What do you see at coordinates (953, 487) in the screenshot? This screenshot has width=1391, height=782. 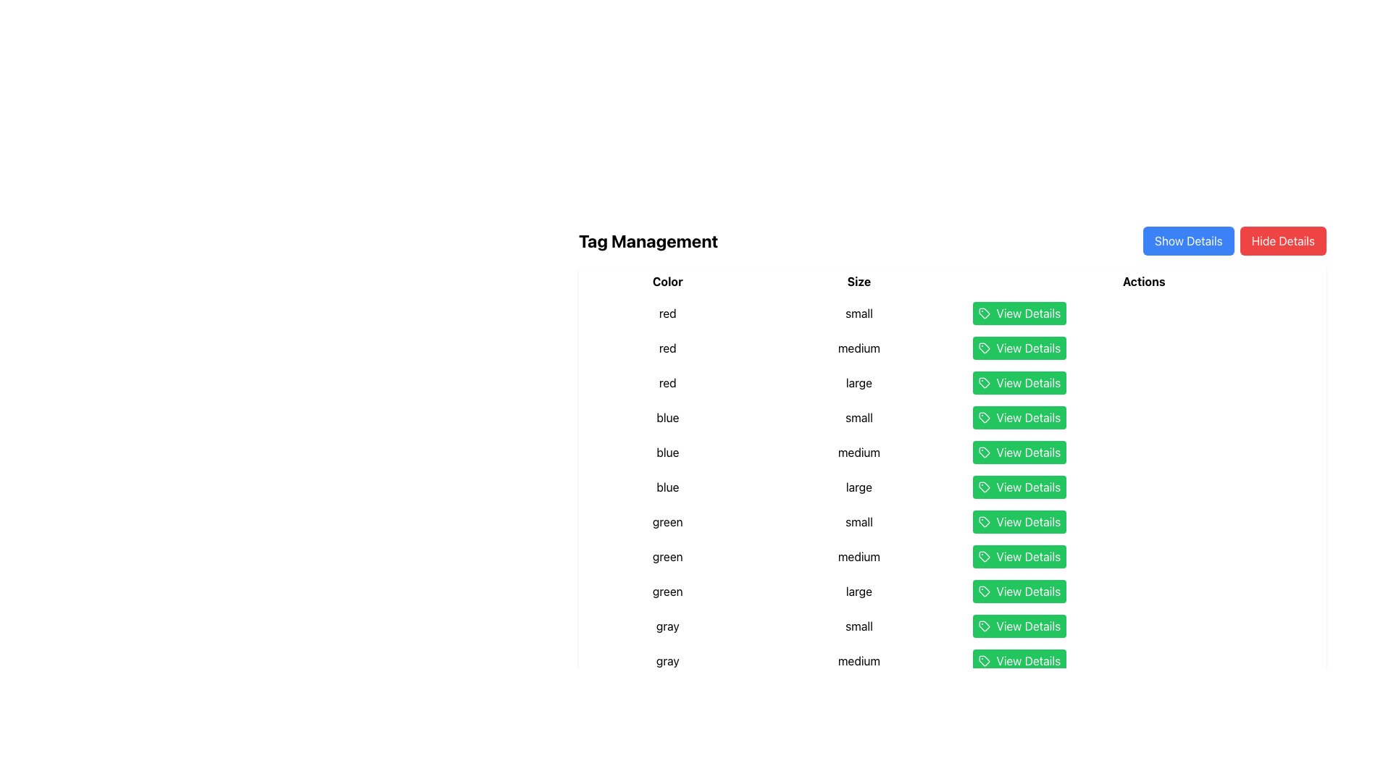 I see `the 'View Details' button in the sixth row of the Tag Management table, which describes an item with attributes 'blue' color and 'large' size` at bounding box center [953, 487].